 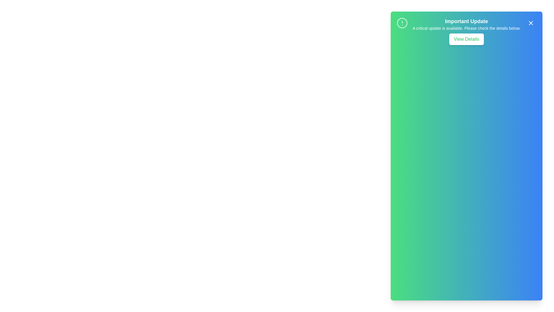 I want to click on the 'View Details' button to proceed, so click(x=466, y=39).